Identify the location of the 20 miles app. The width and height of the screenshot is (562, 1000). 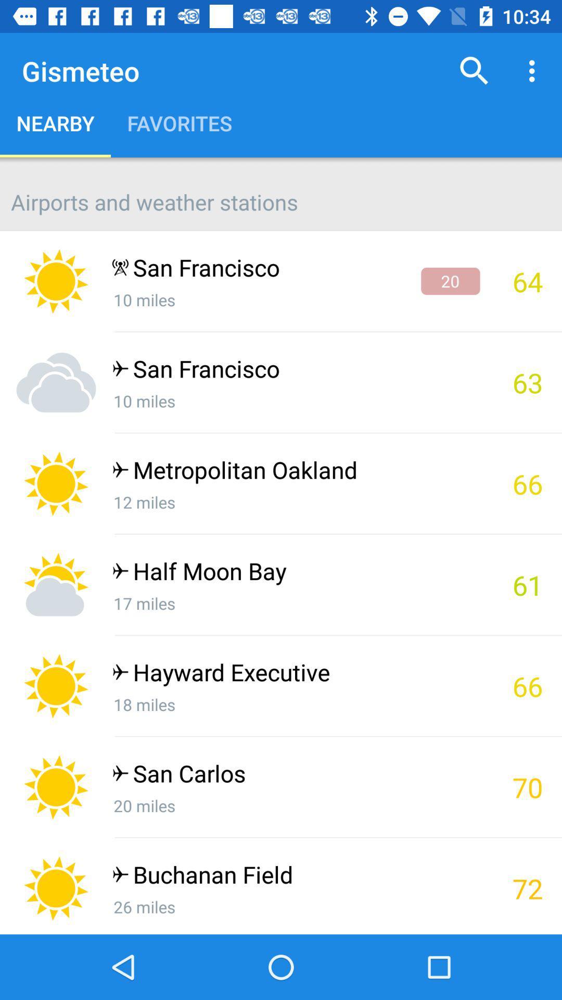
(296, 805).